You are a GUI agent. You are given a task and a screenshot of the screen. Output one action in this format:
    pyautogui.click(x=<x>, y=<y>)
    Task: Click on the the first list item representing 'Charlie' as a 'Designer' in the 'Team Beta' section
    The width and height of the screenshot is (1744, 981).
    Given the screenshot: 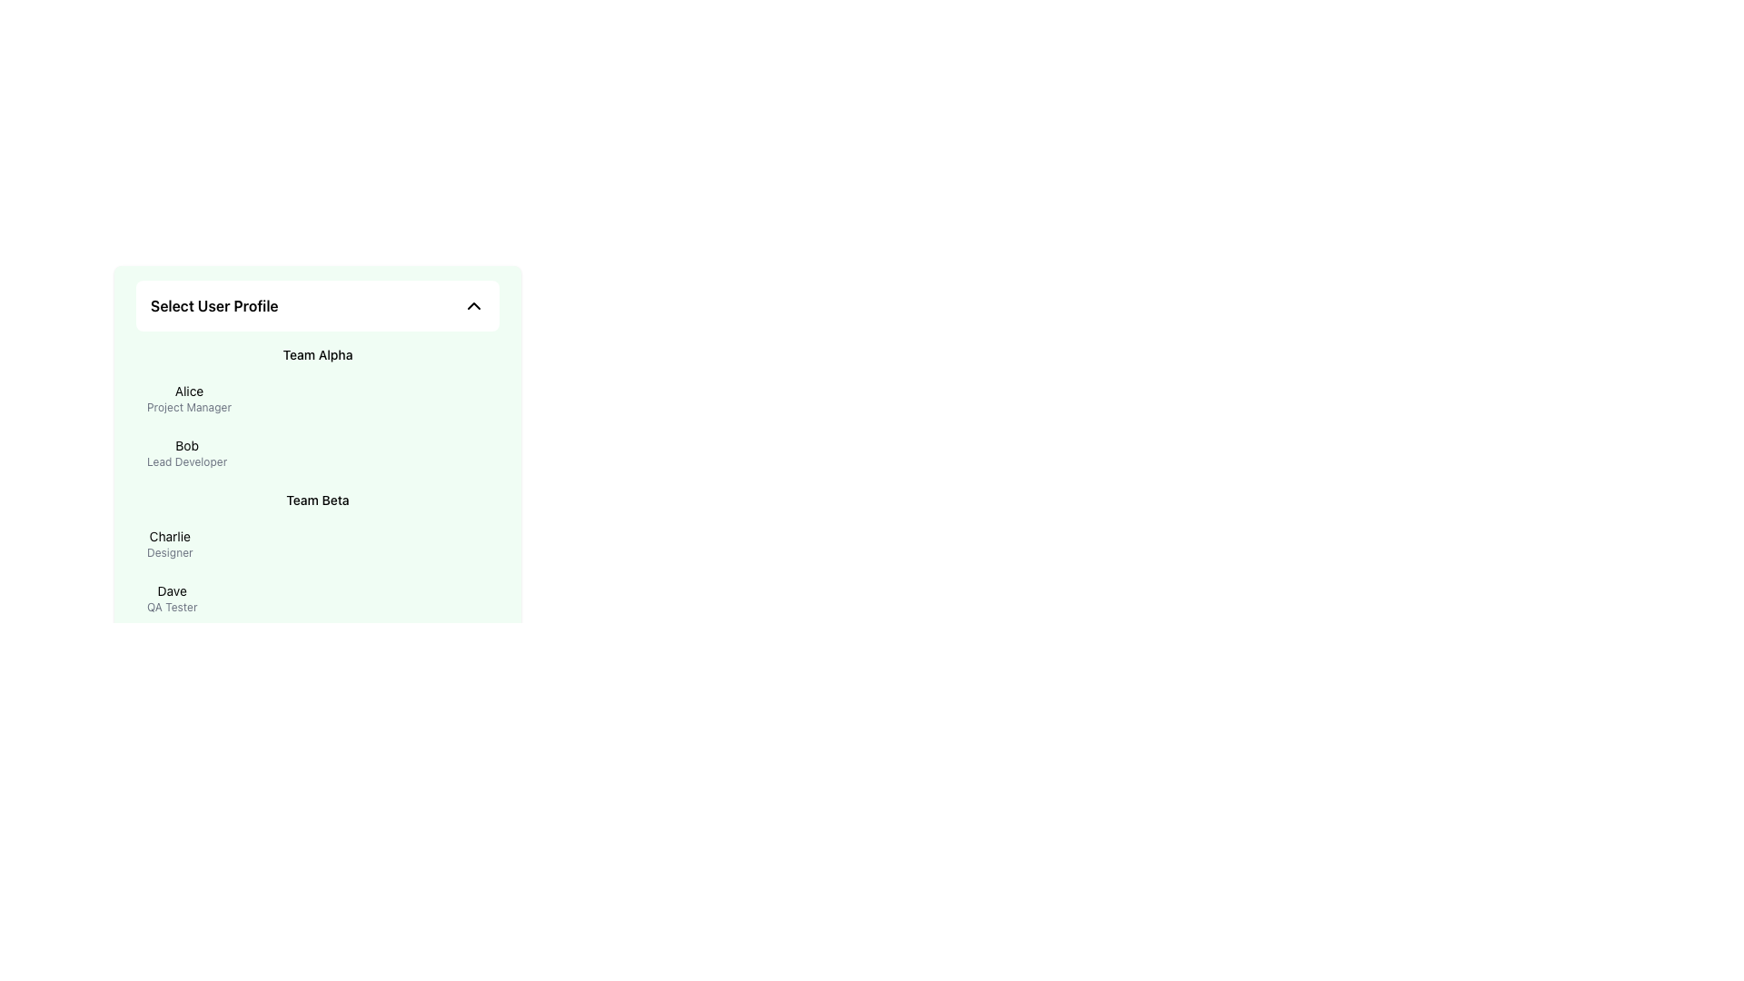 What is the action you would take?
    pyautogui.click(x=318, y=542)
    